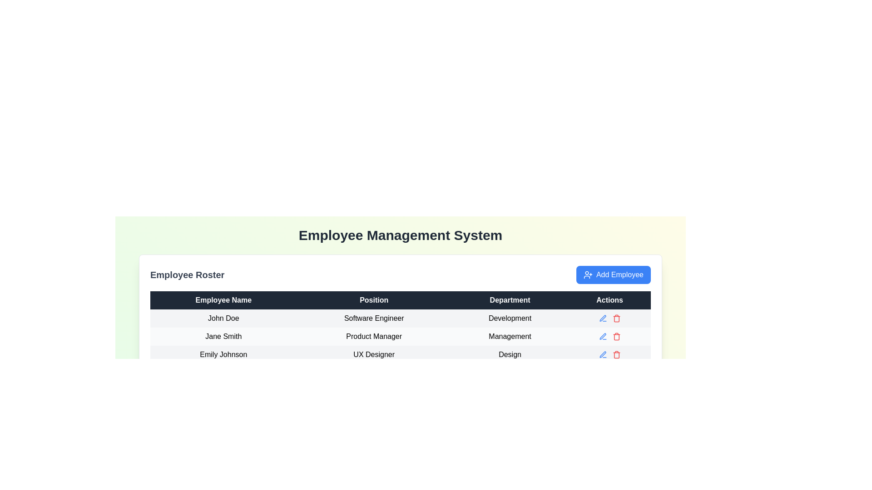  Describe the element at coordinates (603, 318) in the screenshot. I see `the pen icon` at that location.